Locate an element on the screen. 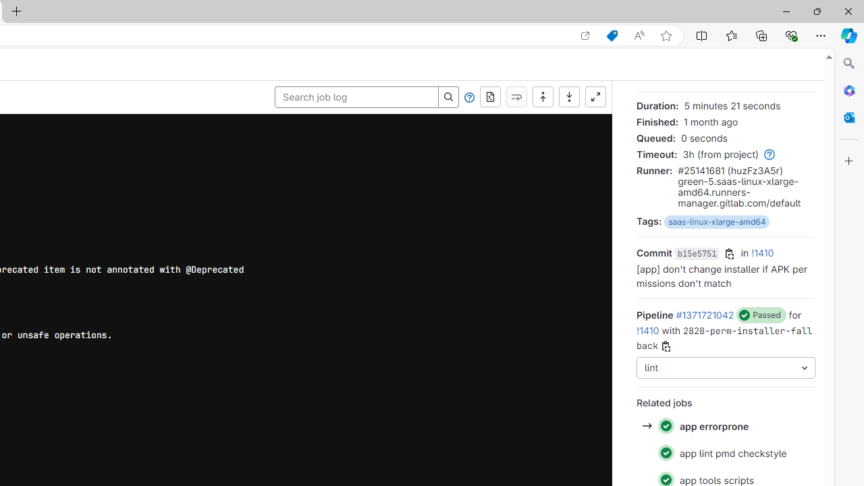 This screenshot has width=864, height=486. 'Class: gl-link' is located at coordinates (767, 153).